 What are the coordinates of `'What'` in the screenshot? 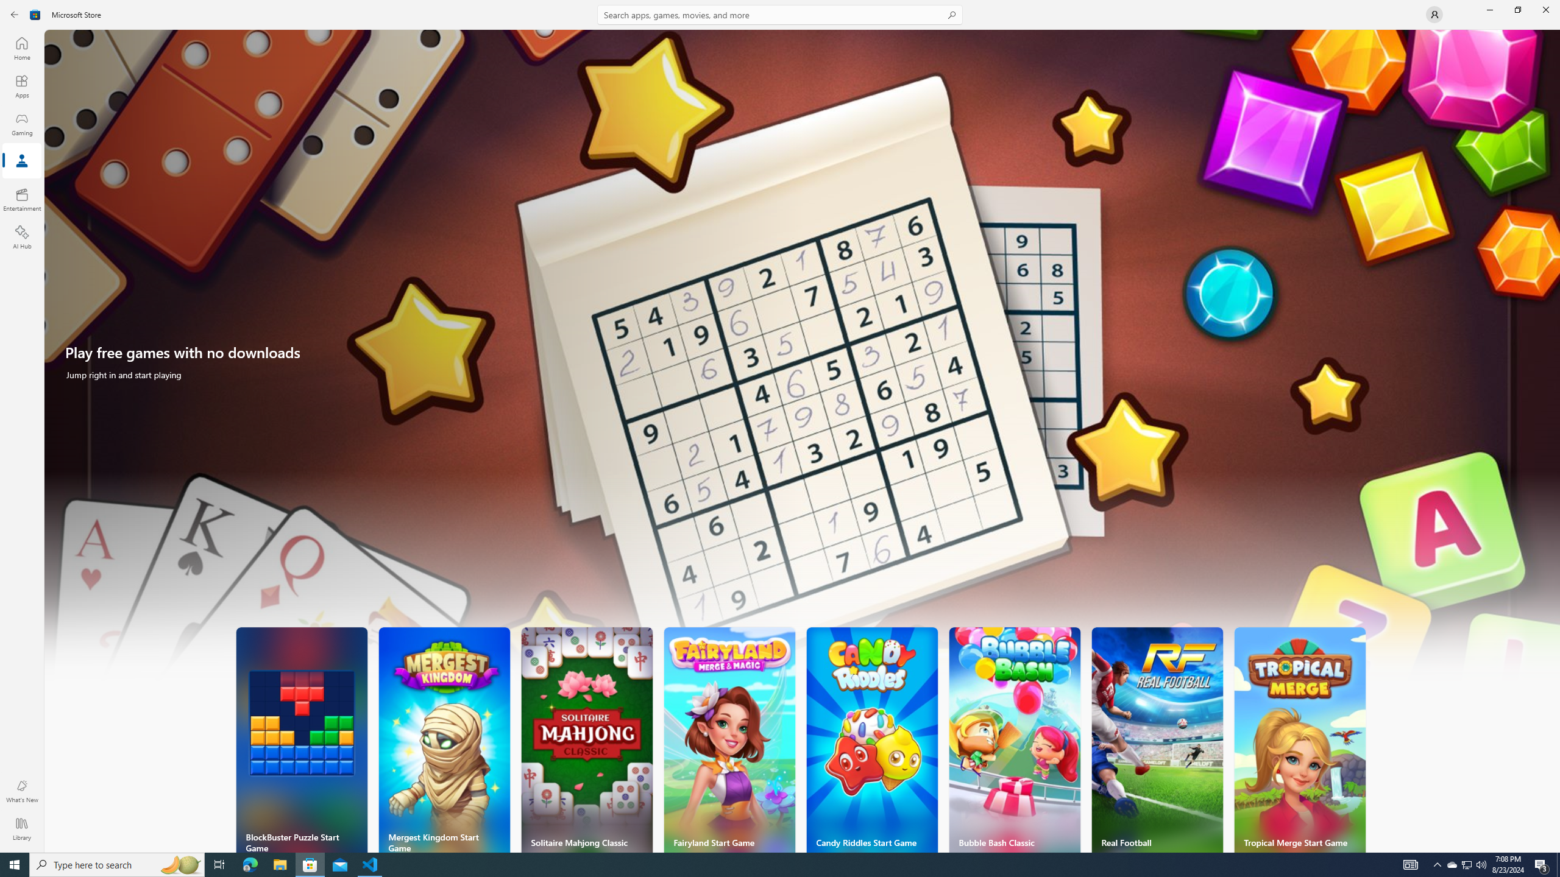 It's located at (21, 791).